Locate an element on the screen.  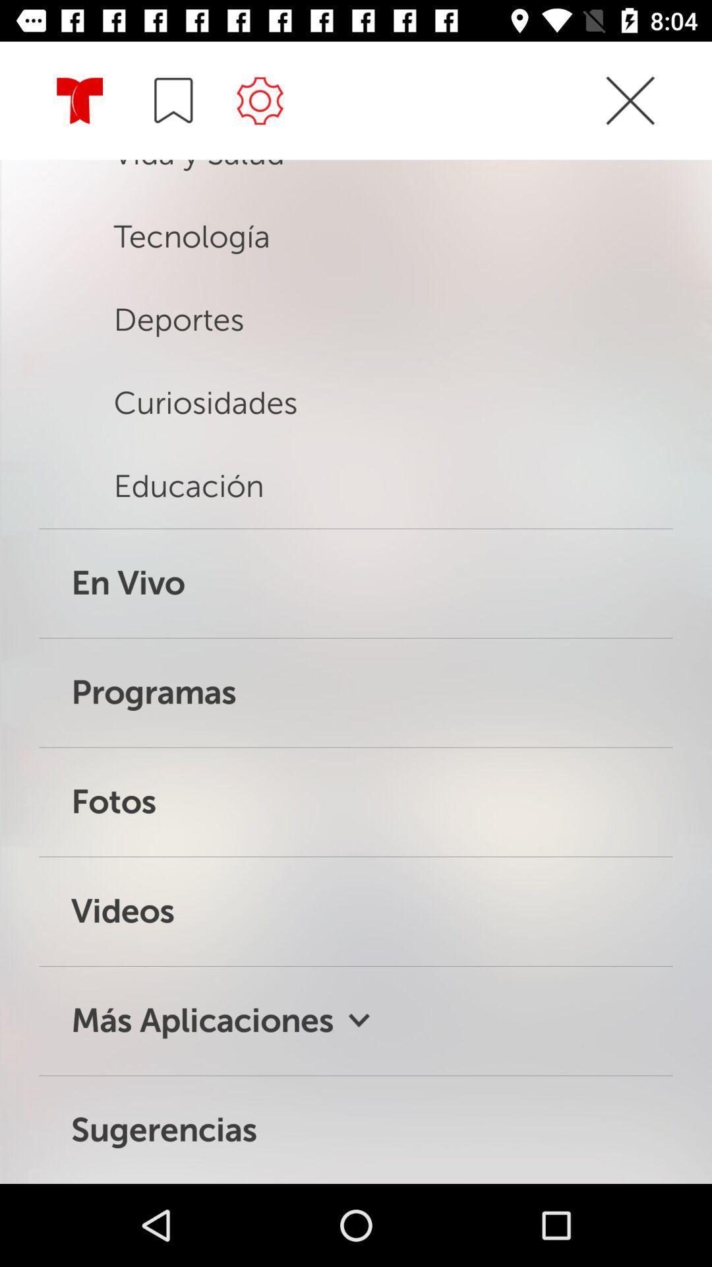
the drop down which is right to mas aplicaciones is located at coordinates (359, 1020).